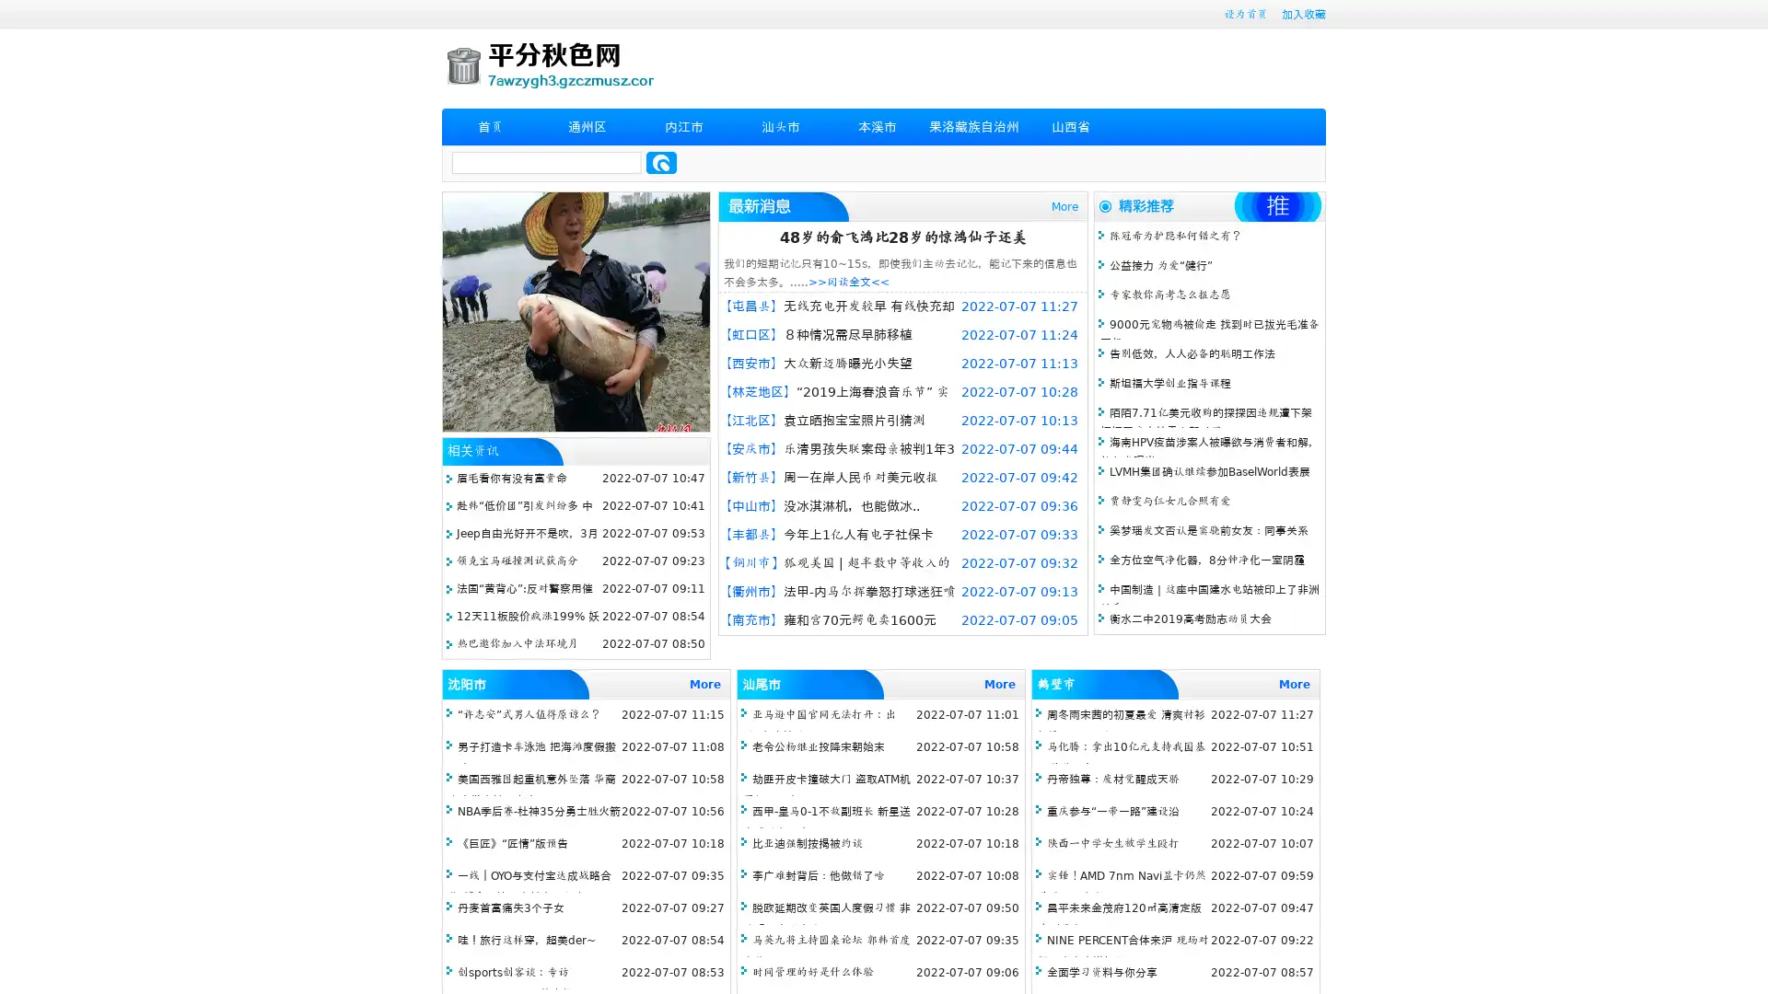 The image size is (1768, 994). I want to click on Search, so click(661, 162).